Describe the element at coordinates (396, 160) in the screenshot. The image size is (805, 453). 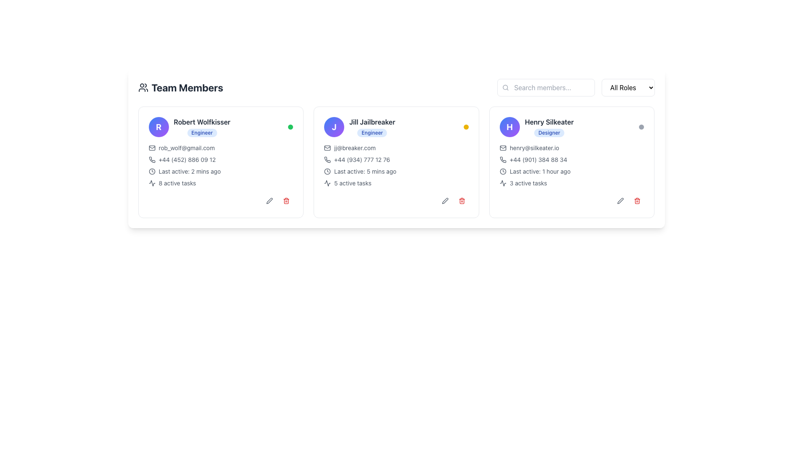
I see `the phone contact detail display for 'Jill Jailbreaker', located within the second card, below the email address and above 'Last active'` at that location.